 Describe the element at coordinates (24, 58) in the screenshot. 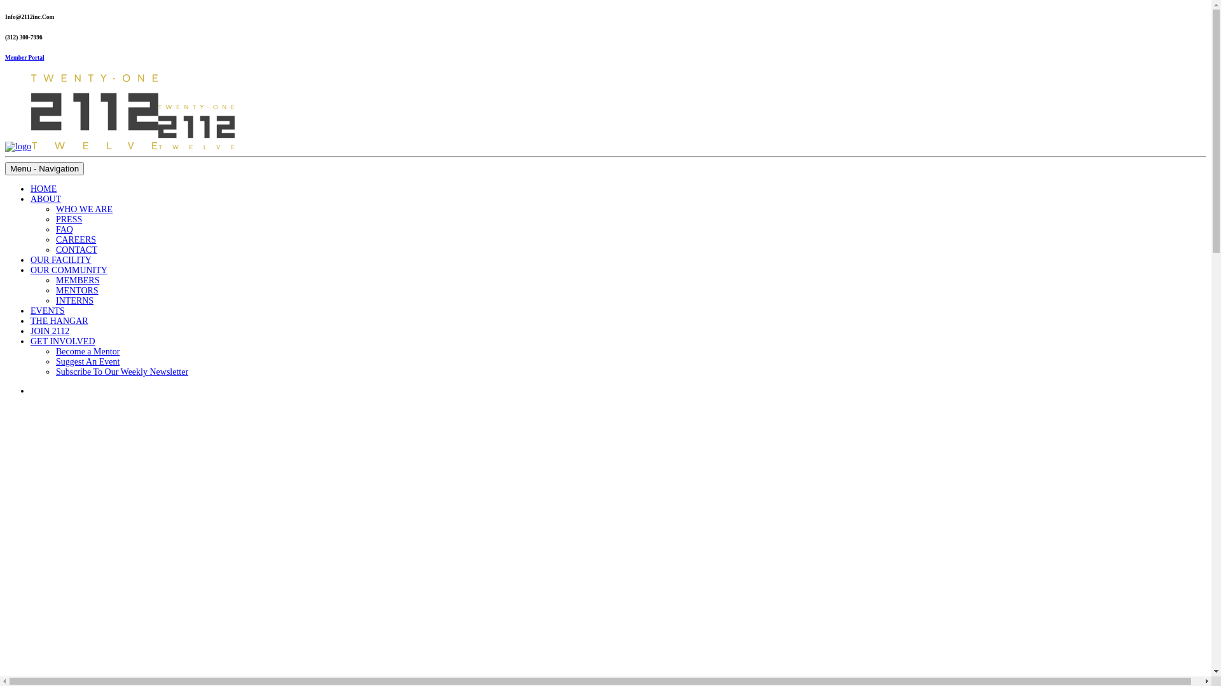

I see `'Member Portal'` at that location.